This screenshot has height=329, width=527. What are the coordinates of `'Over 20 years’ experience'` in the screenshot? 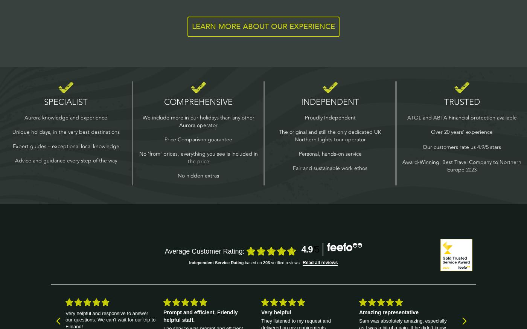 It's located at (462, 132).